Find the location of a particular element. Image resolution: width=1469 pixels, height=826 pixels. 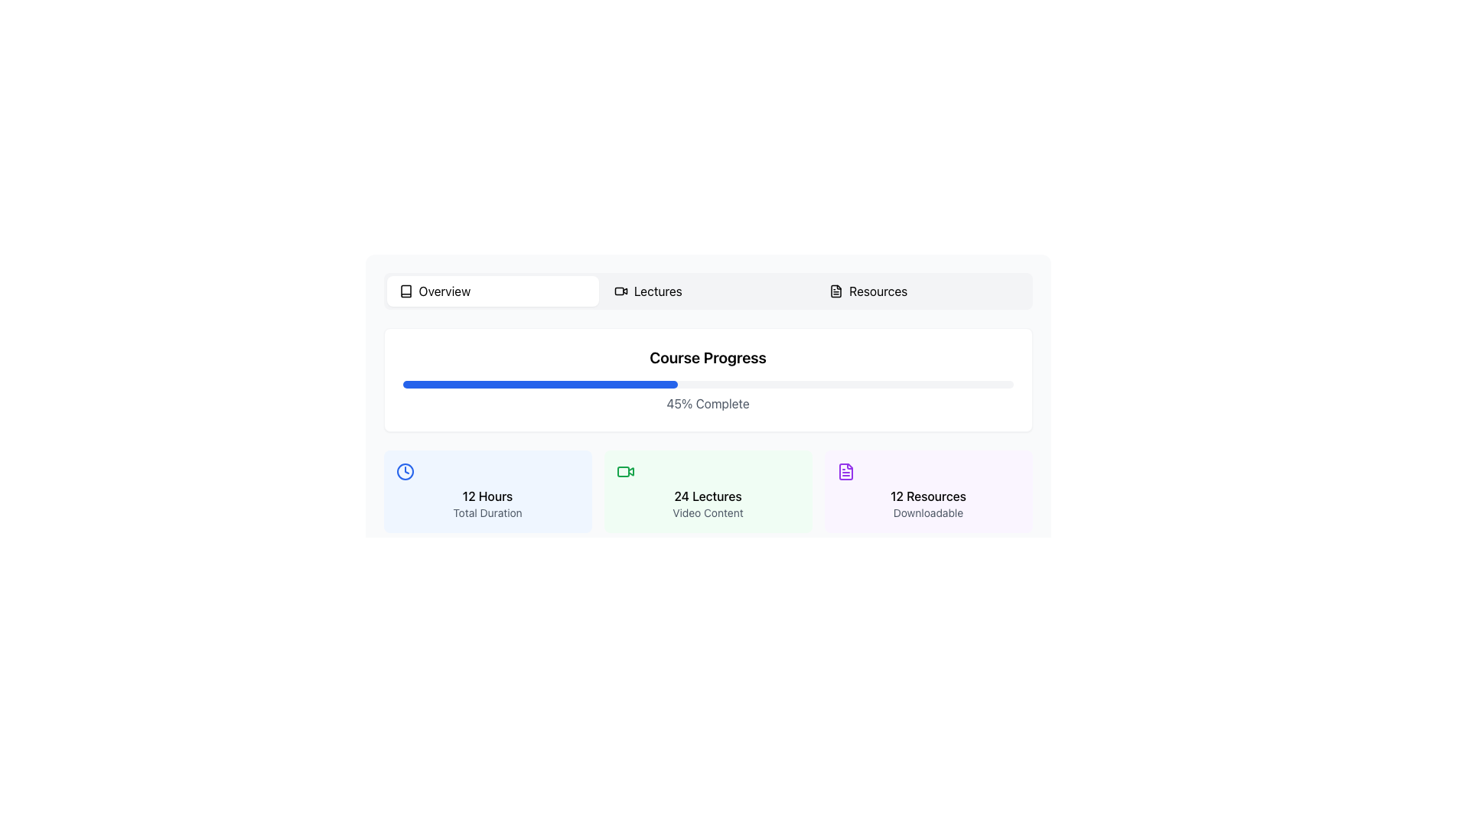

the 'Resources' menu icon located in the navigation bar at the top right of the interface, which visually represents access to resources related to the content is located at coordinates (835, 291).